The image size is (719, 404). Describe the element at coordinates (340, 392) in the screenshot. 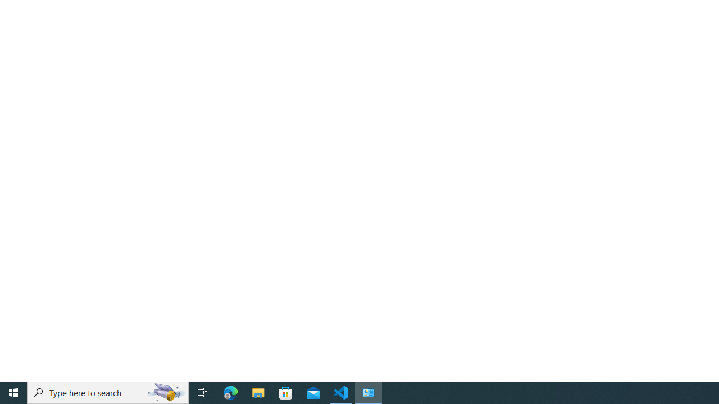

I see `'Visual Studio Code - 1 running window'` at that location.